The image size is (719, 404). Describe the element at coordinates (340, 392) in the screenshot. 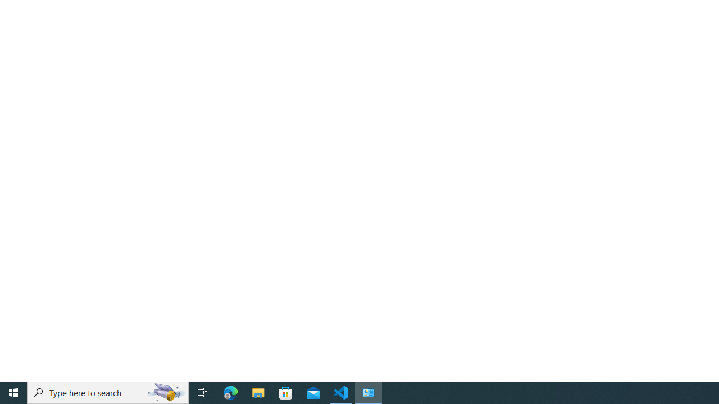

I see `'Visual Studio Code - 1 running window'` at that location.